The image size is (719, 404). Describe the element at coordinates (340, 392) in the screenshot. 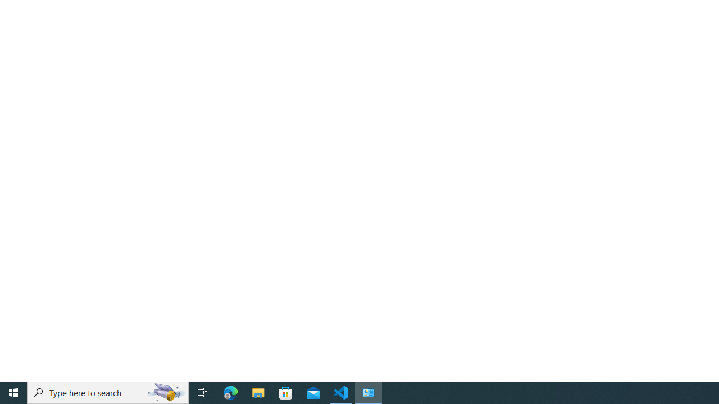

I see `'Visual Studio Code - 1 running window'` at that location.